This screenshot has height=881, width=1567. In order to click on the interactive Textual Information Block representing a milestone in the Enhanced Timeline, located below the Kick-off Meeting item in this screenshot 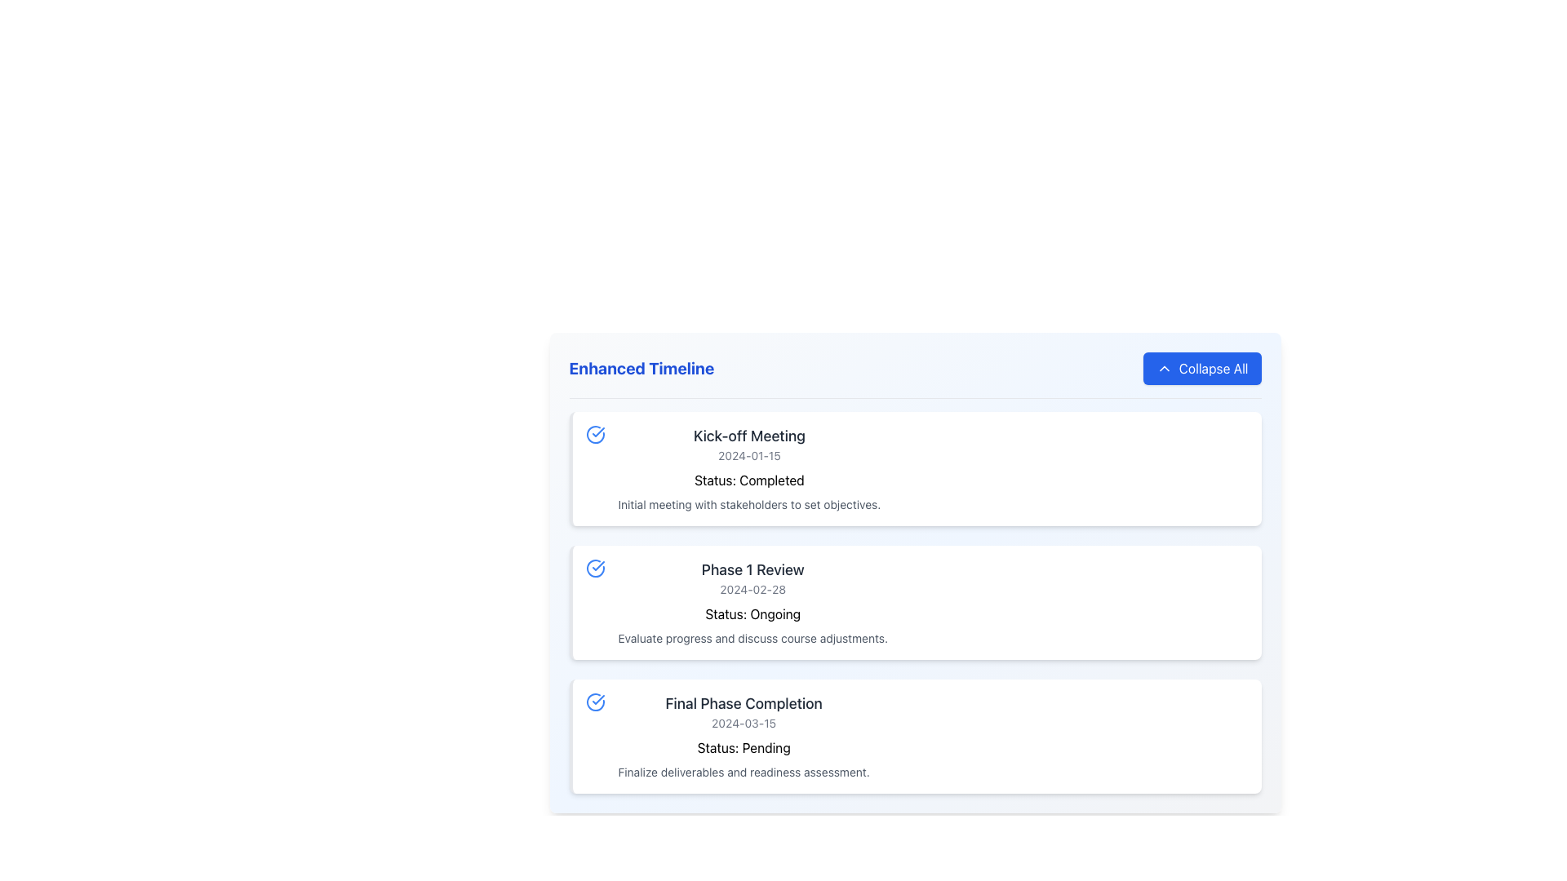, I will do `click(751, 603)`.